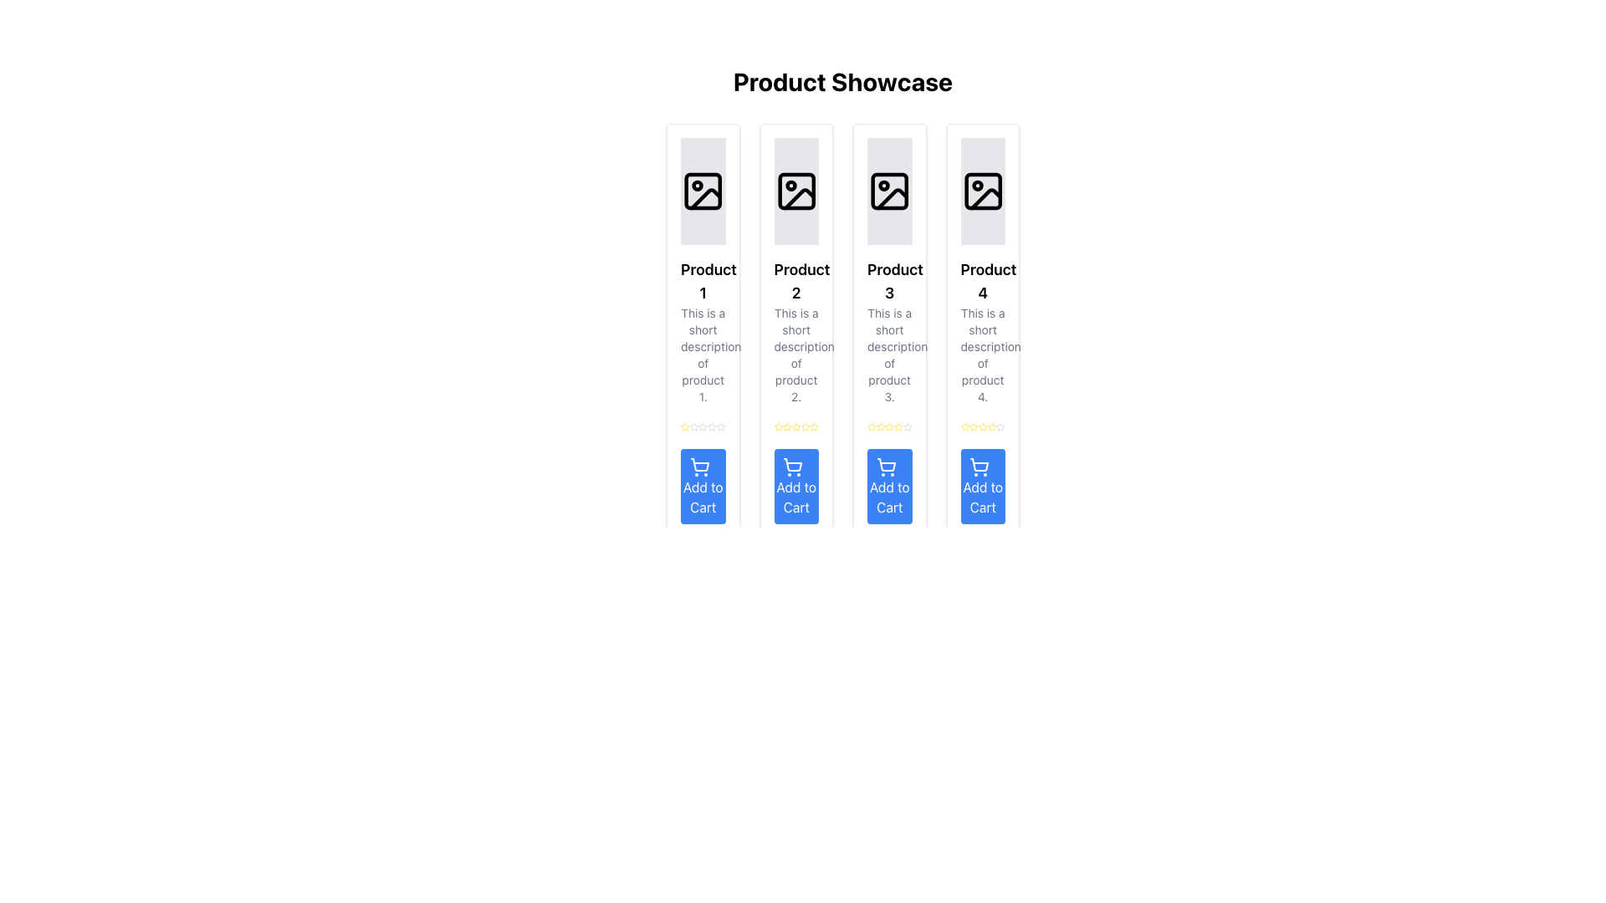 The width and height of the screenshot is (1606, 903). Describe the element at coordinates (786, 426) in the screenshot. I see `the second yellow star-shaped rating icon located below the product description for Product 2 and above the 'Add to Cart' button` at that location.